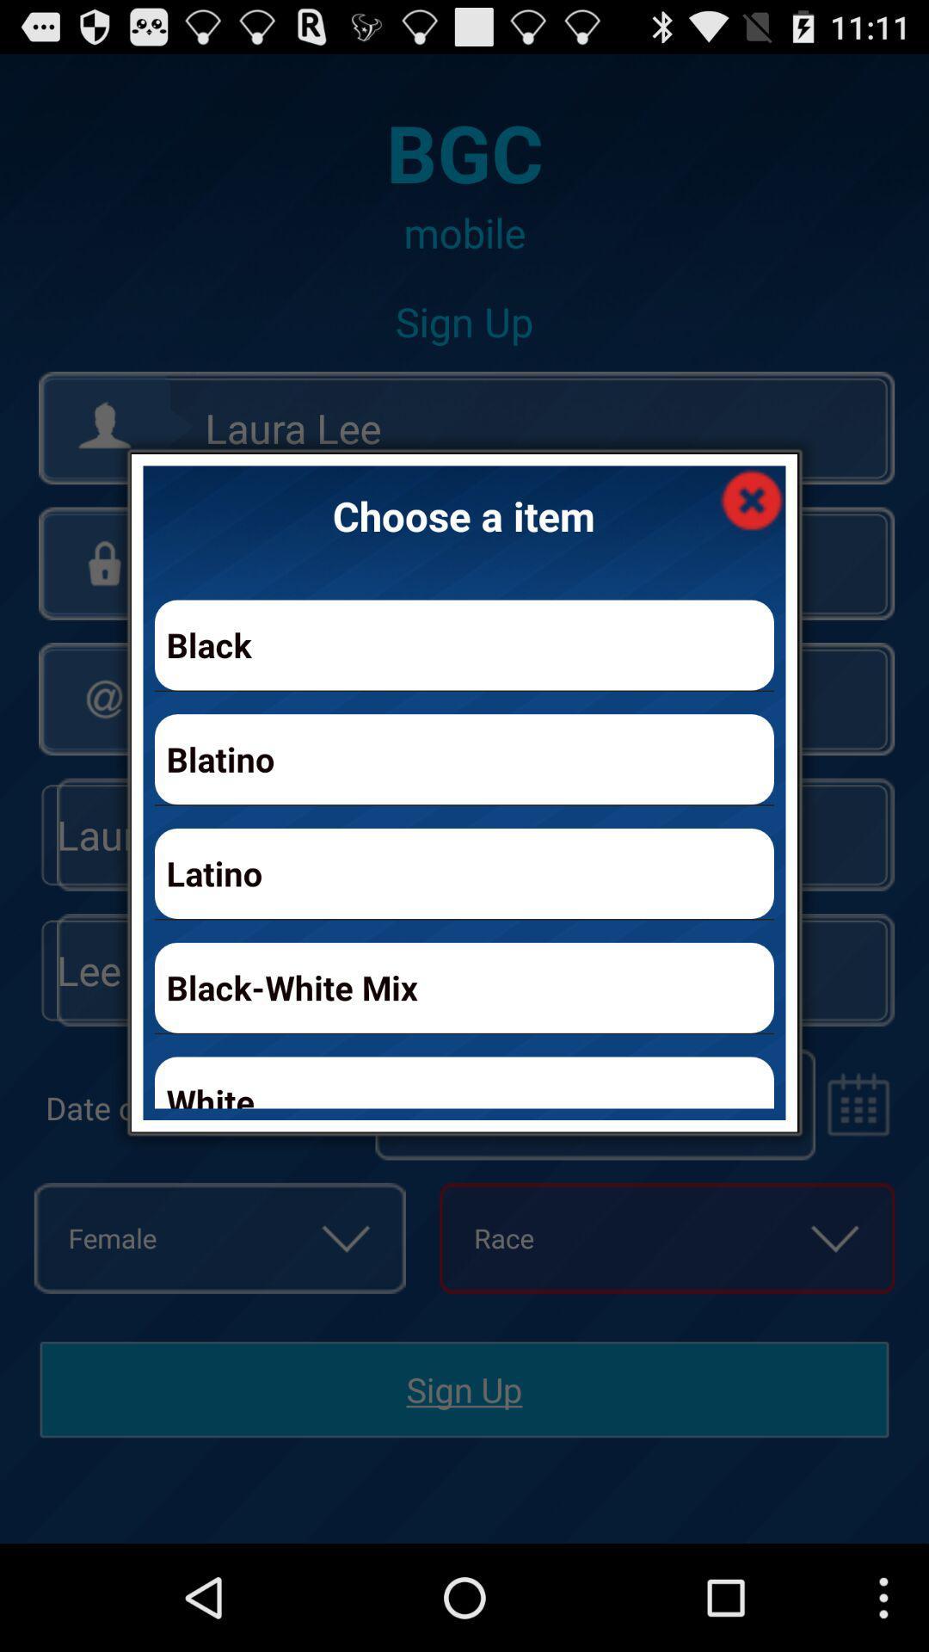 This screenshot has height=1652, width=929. I want to click on app below the black item, so click(464, 758).